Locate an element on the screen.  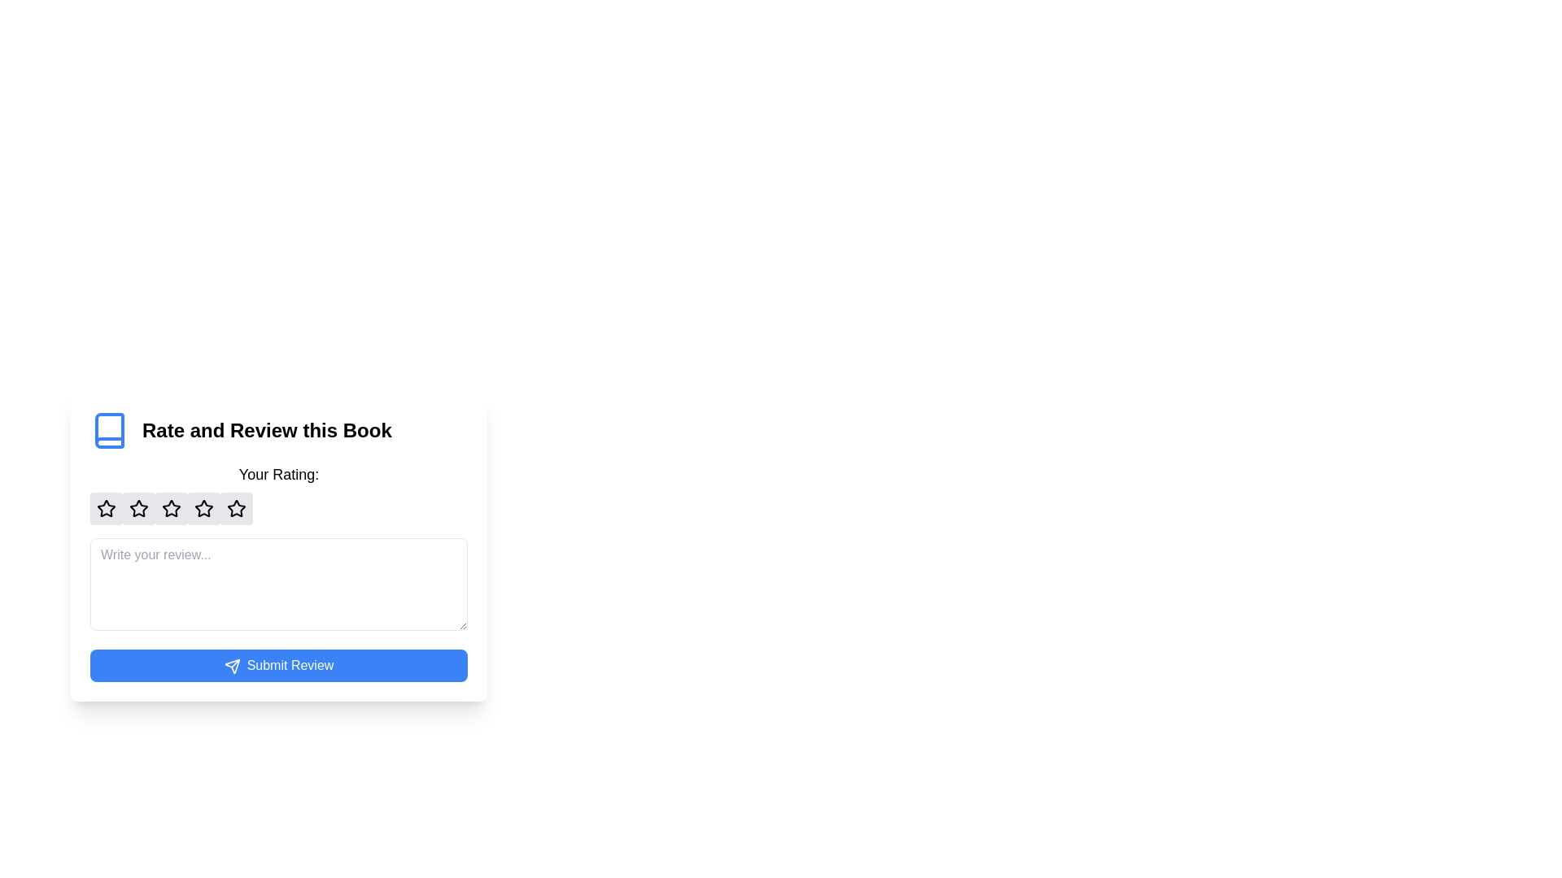
the second star icon in the rating component located below the 'Your Rating:' text is located at coordinates (139, 507).